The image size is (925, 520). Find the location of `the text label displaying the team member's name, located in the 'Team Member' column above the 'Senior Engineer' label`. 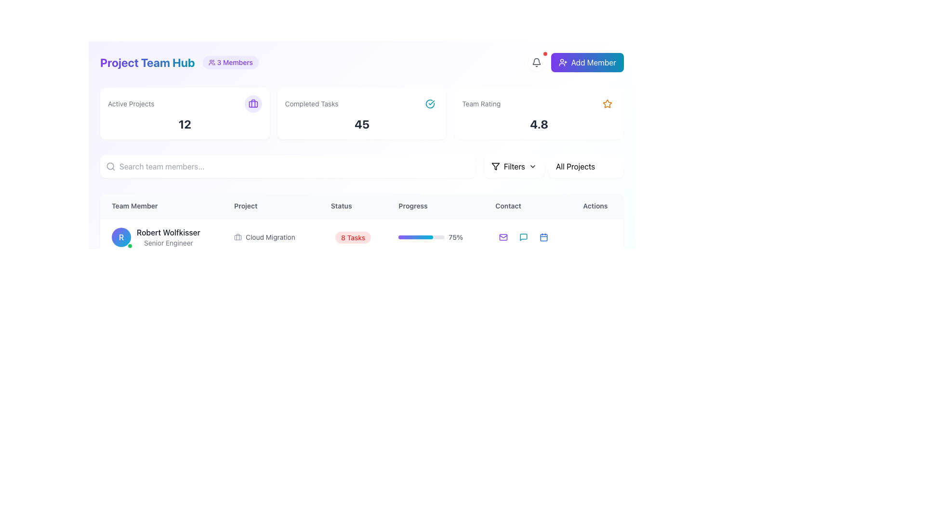

the text label displaying the team member's name, located in the 'Team Member' column above the 'Senior Engineer' label is located at coordinates (168, 232).